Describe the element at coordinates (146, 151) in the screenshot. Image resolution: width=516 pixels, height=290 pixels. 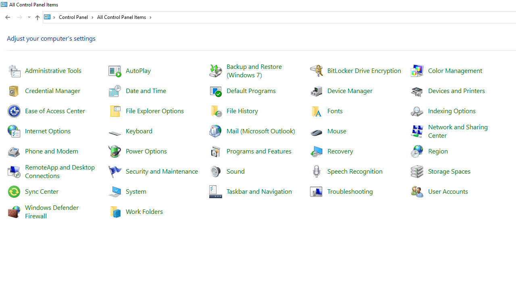
I see `'Power Options'` at that location.